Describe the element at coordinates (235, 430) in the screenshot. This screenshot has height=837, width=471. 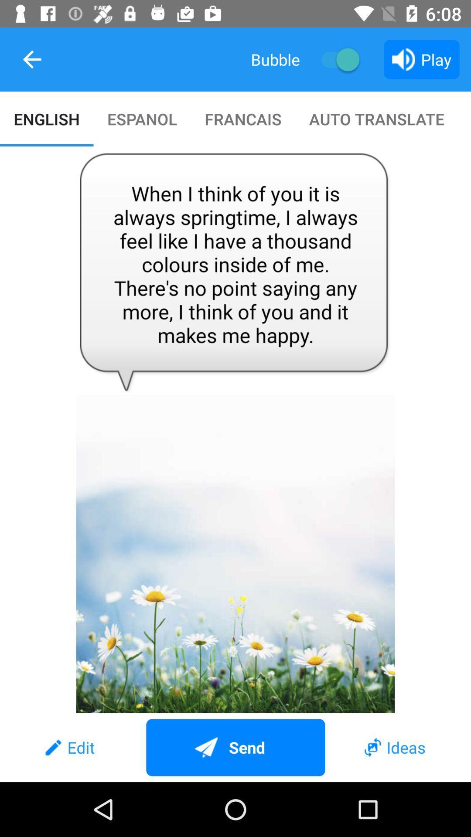
I see `item at the center` at that location.